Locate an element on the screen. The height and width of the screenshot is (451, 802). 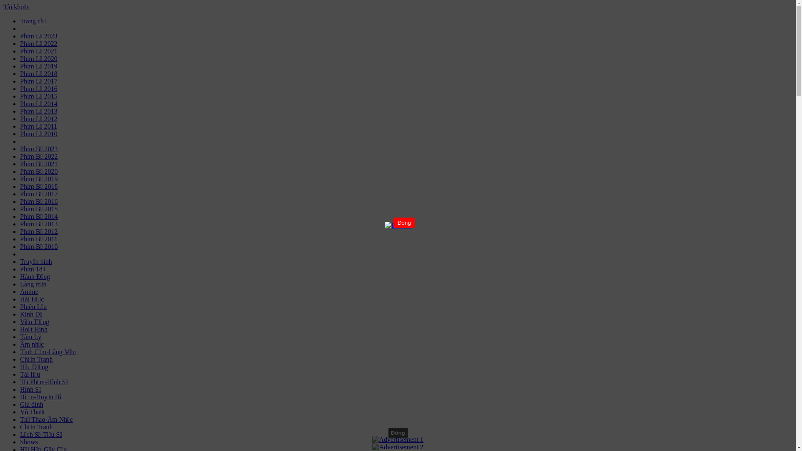
'Anime' is located at coordinates (29, 291).